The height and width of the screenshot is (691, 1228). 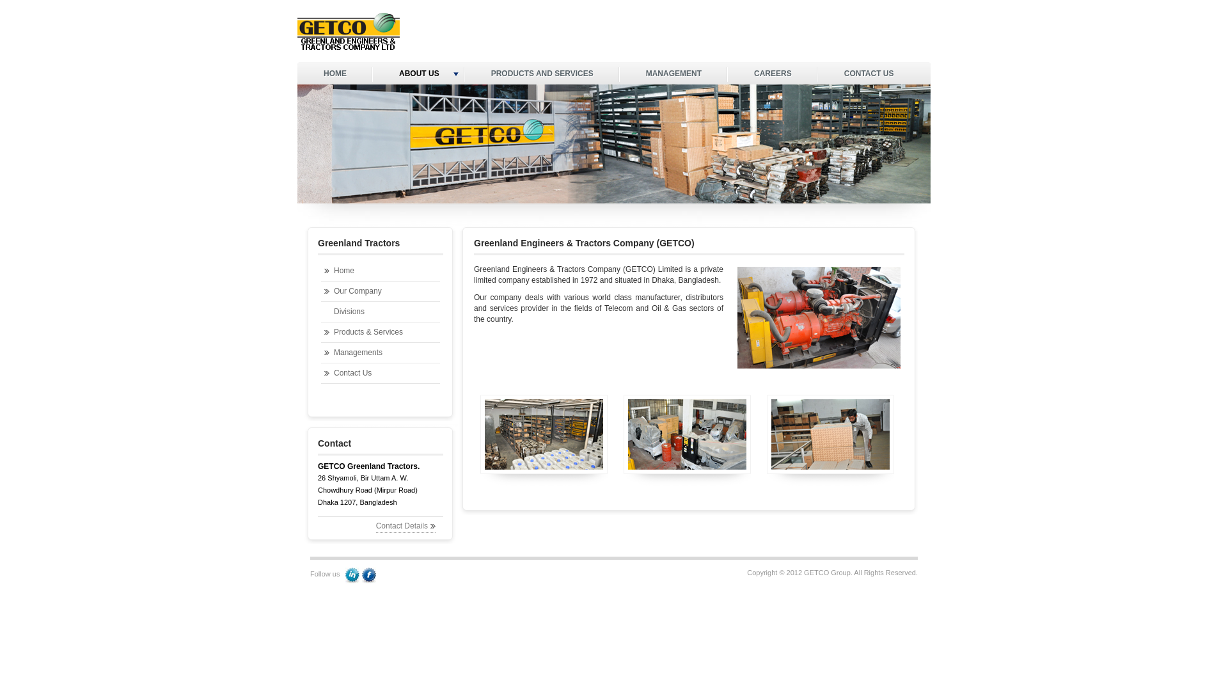 What do you see at coordinates (380, 331) in the screenshot?
I see `'Products & Services'` at bounding box center [380, 331].